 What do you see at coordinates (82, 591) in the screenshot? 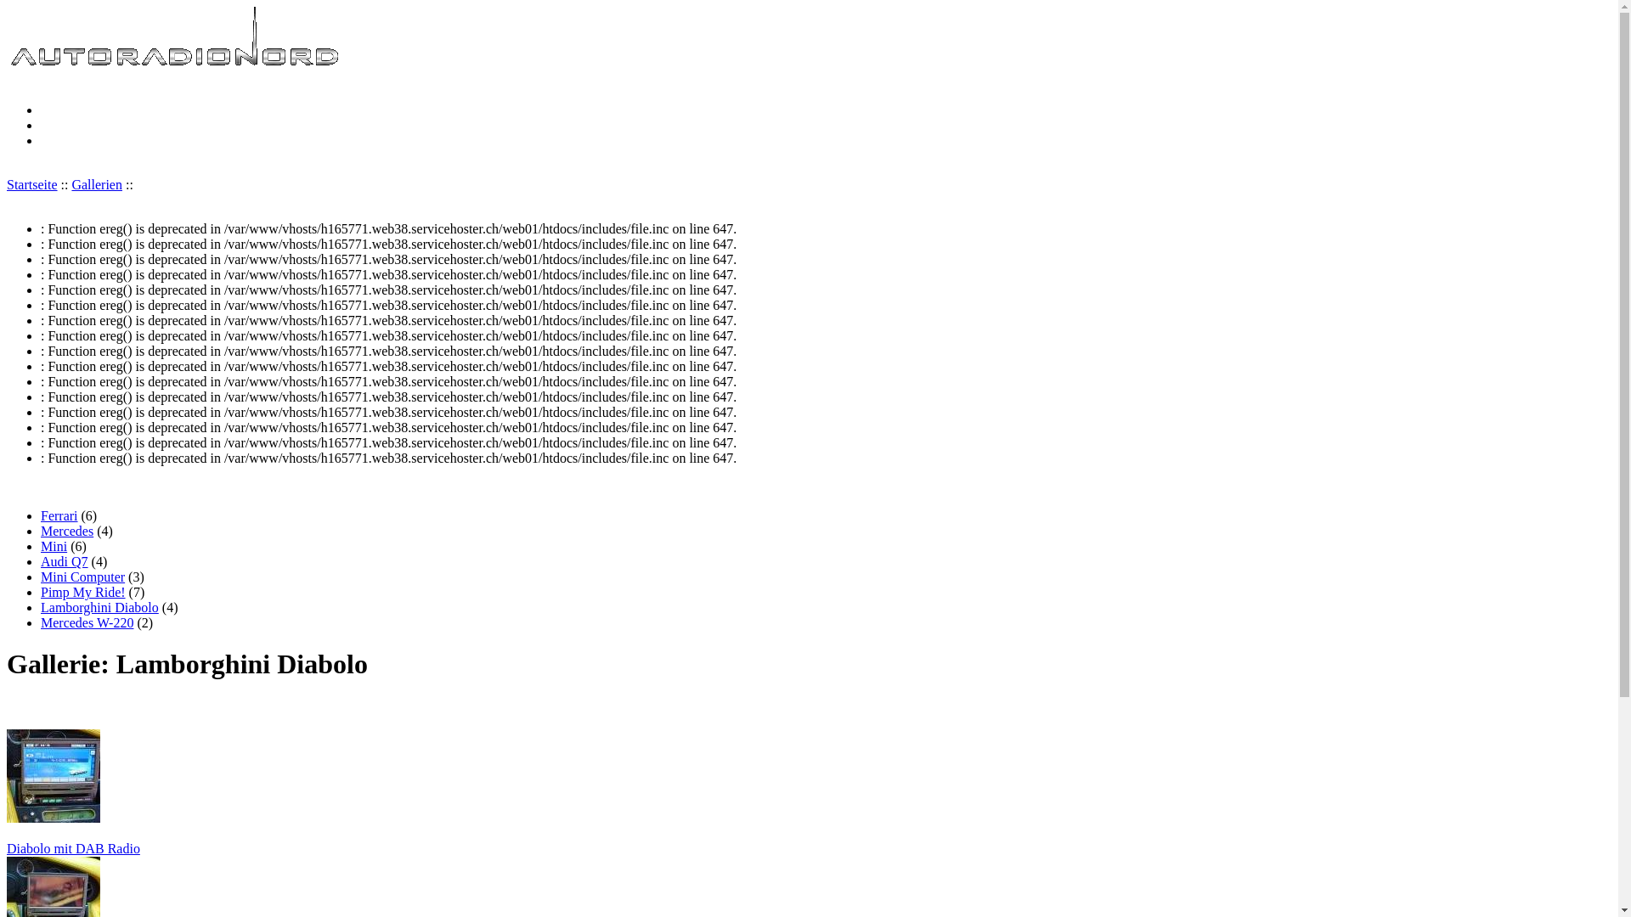
I see `'Pimp My Ride!'` at bounding box center [82, 591].